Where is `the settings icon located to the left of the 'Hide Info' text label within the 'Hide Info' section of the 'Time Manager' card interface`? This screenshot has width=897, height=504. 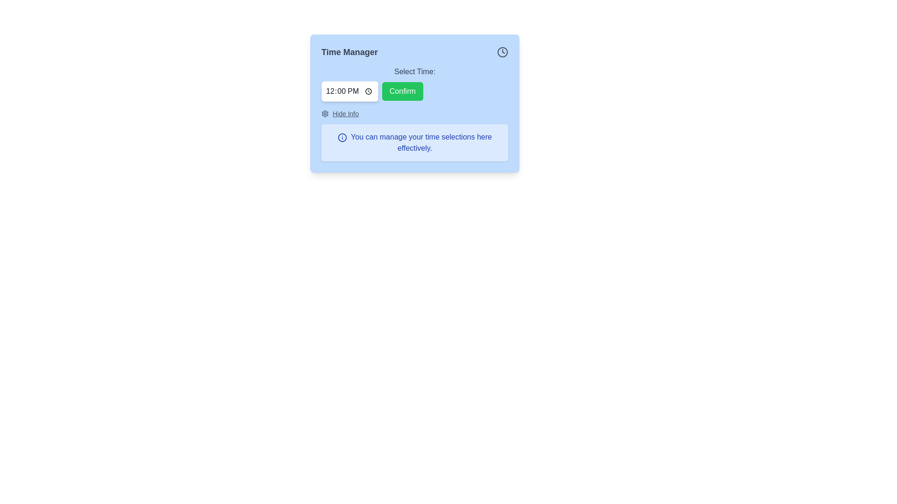 the settings icon located to the left of the 'Hide Info' text label within the 'Hide Info' section of the 'Time Manager' card interface is located at coordinates (325, 113).